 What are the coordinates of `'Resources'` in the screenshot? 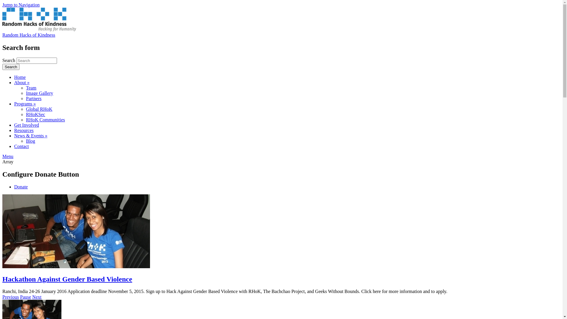 It's located at (24, 130).